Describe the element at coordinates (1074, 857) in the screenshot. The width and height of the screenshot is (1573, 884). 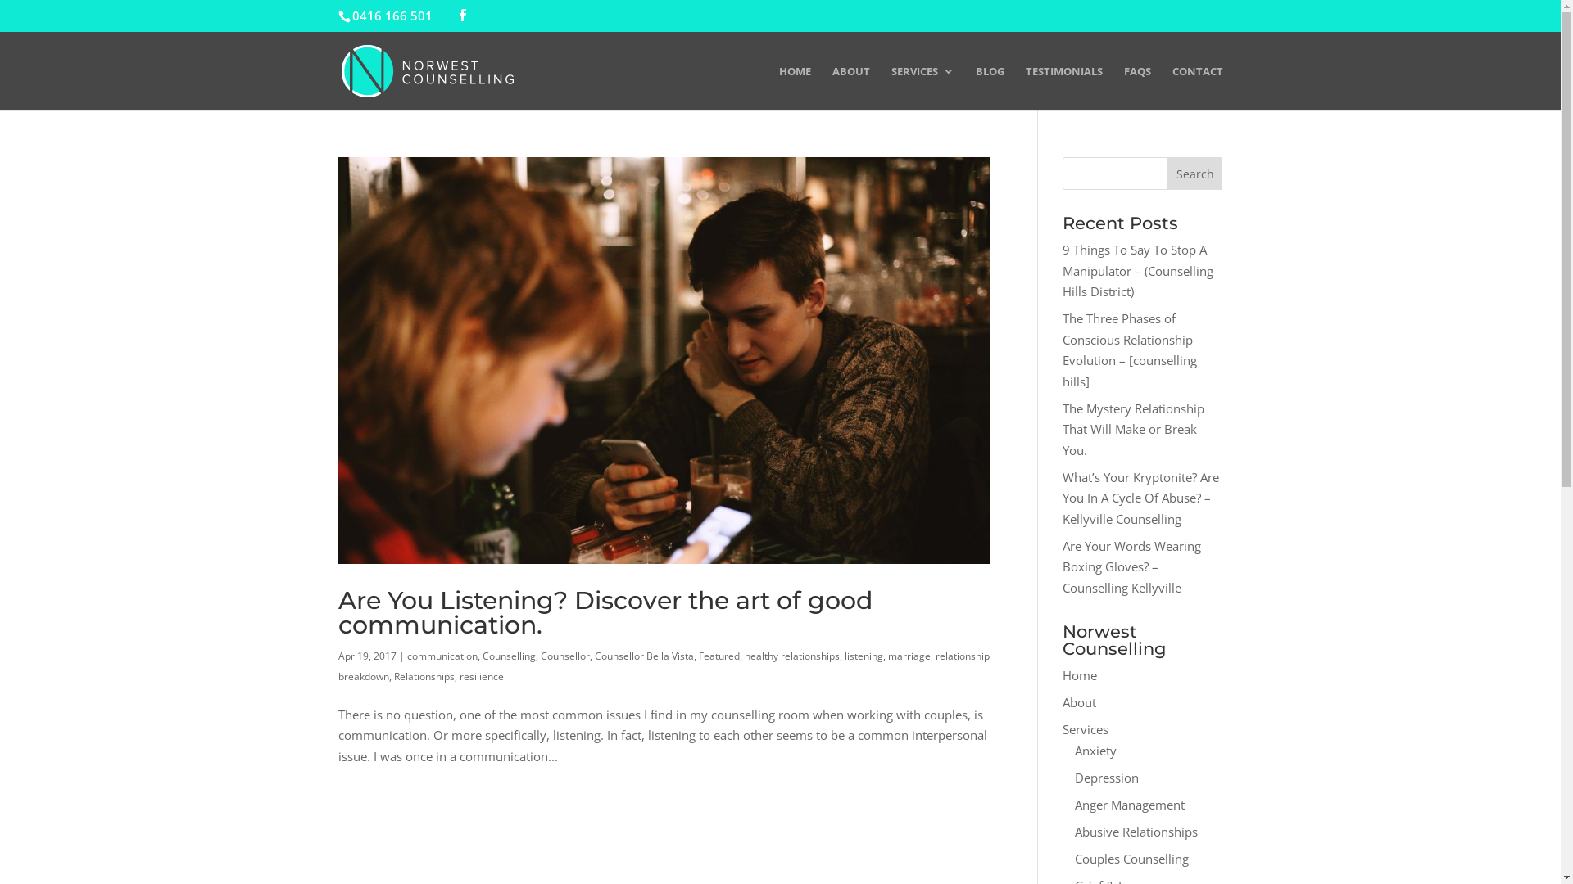
I see `'Couples Counselling'` at that location.